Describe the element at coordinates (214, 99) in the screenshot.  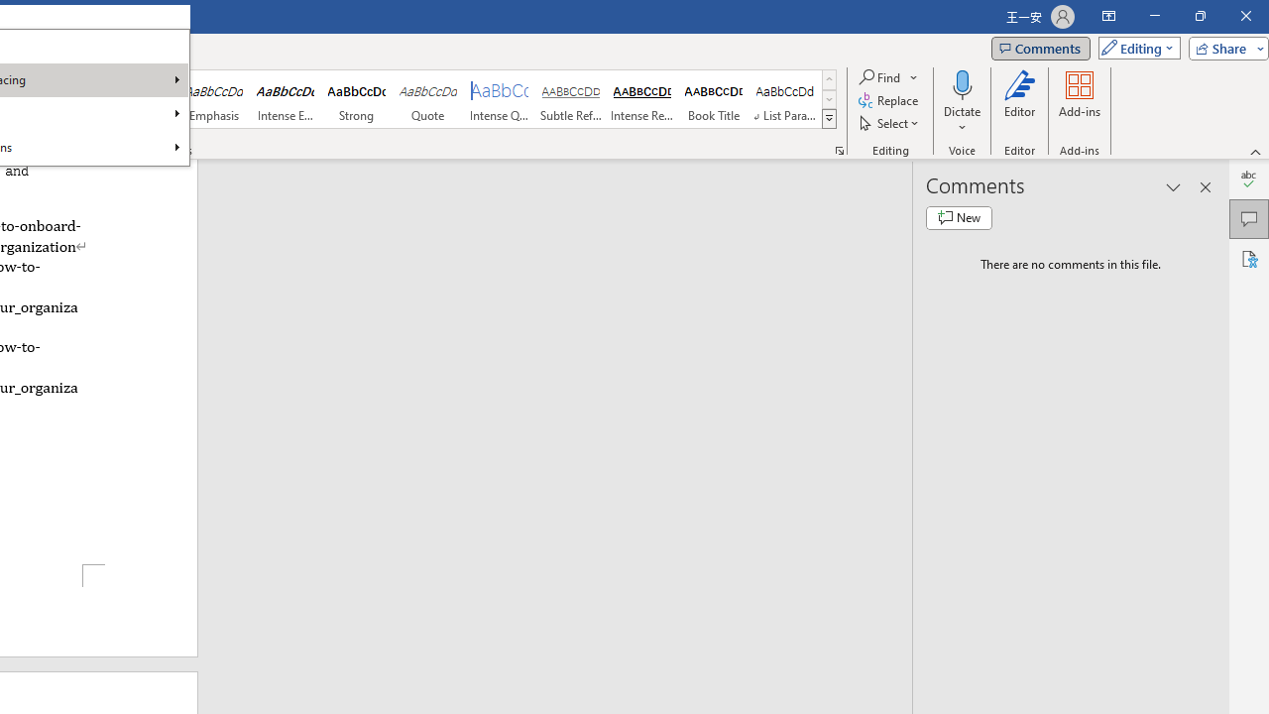
I see `'Emphasis'` at that location.